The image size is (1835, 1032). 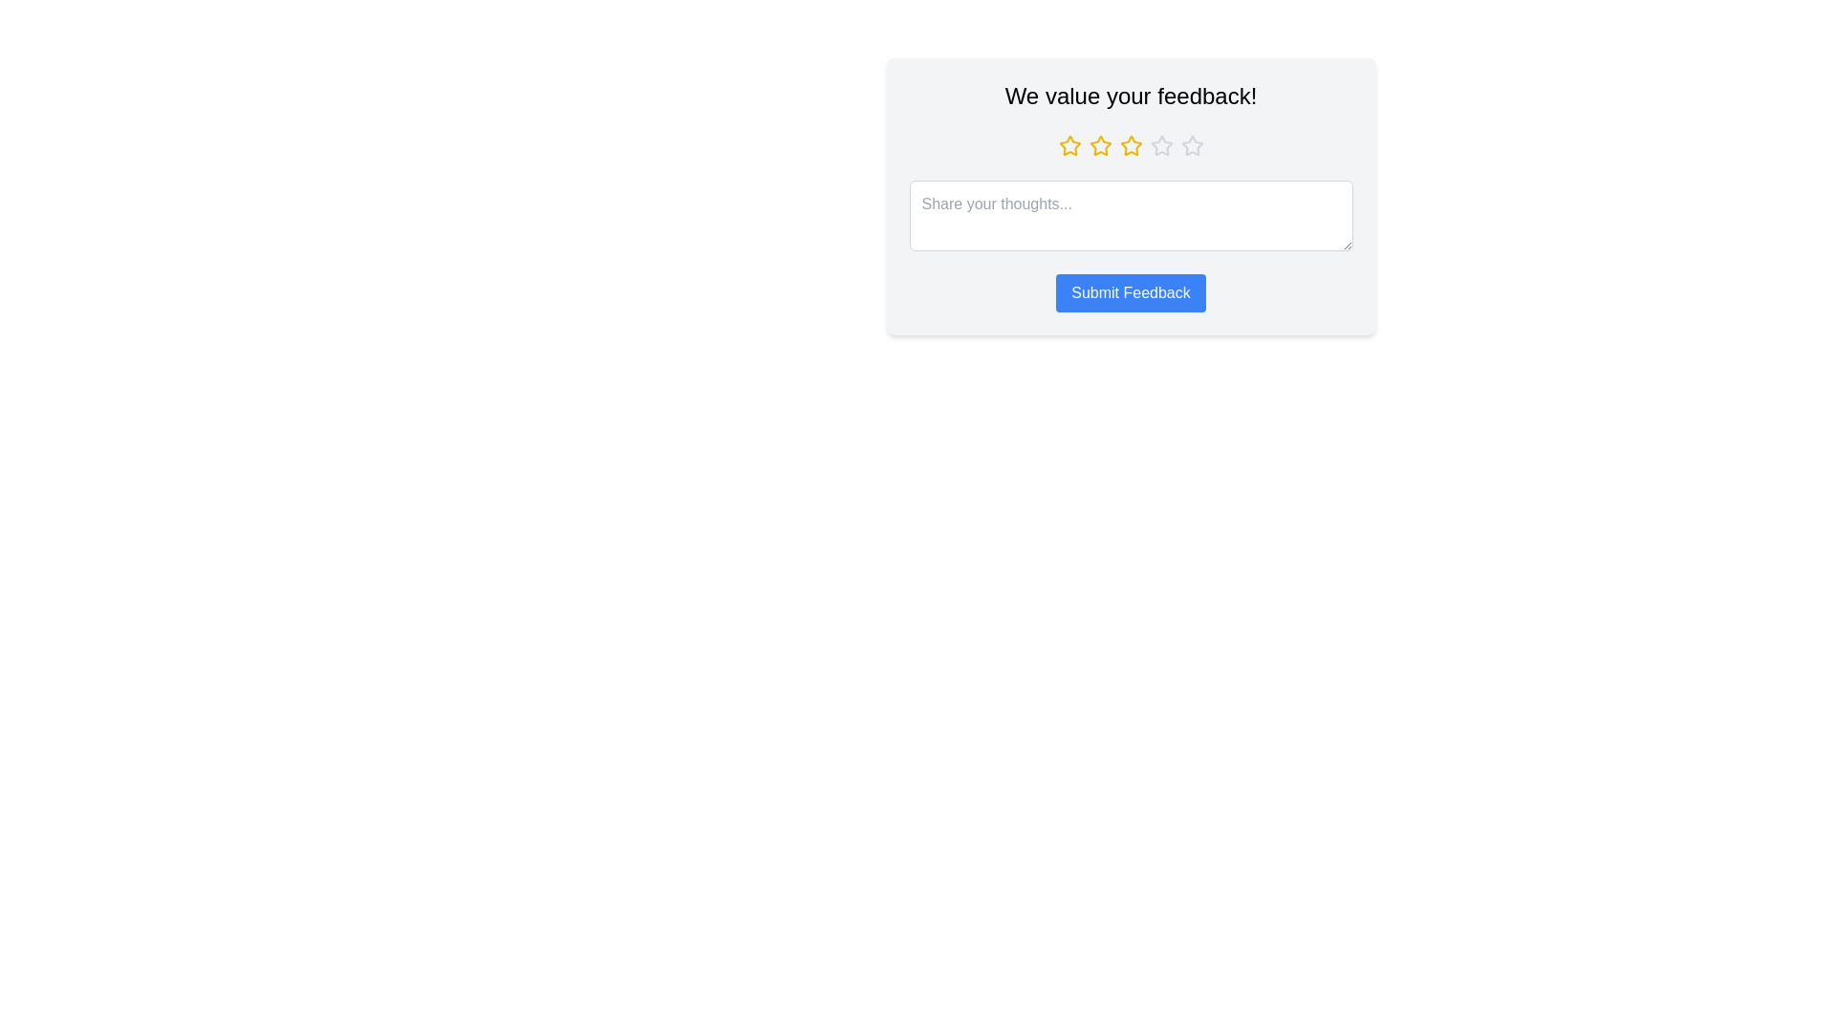 What do you see at coordinates (1069, 144) in the screenshot?
I see `the first Rating star icon in the feedback component` at bounding box center [1069, 144].